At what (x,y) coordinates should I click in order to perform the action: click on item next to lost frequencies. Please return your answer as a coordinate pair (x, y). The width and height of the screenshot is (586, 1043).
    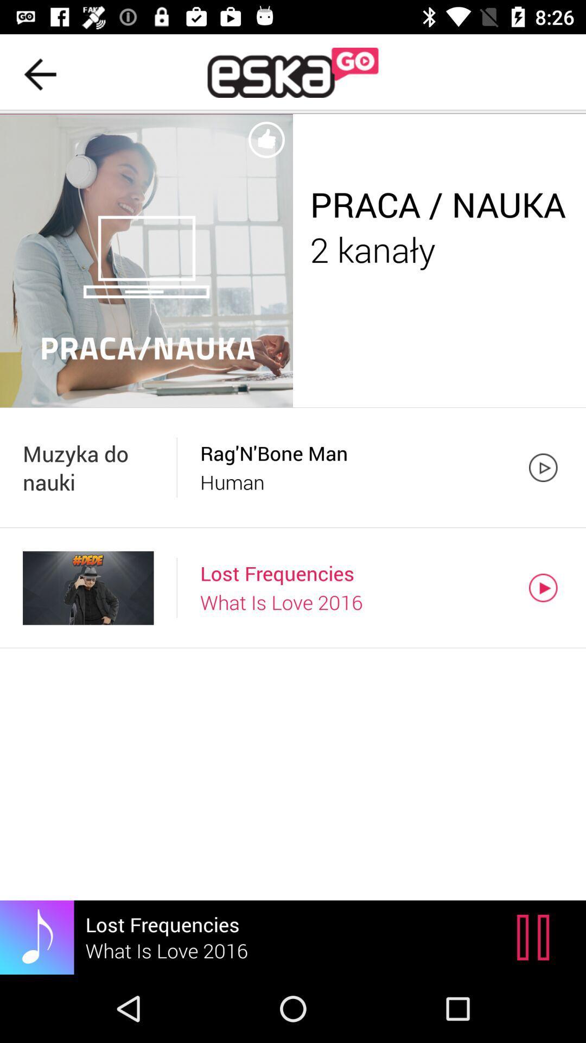
    Looking at the image, I should click on (536, 937).